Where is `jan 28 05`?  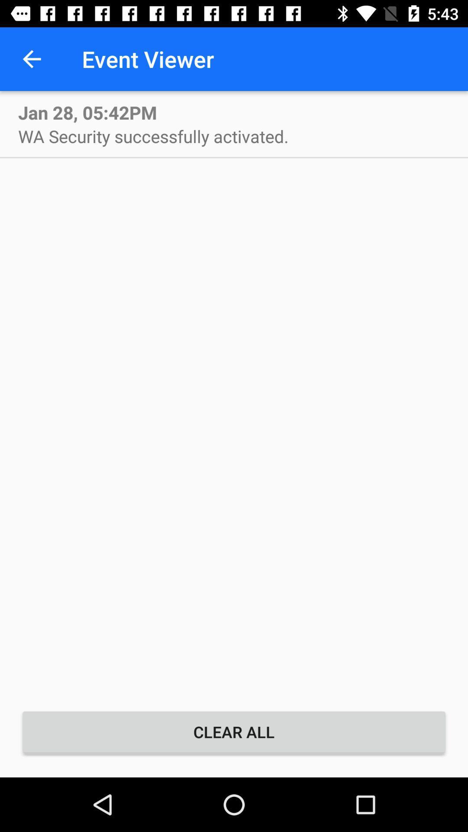 jan 28 05 is located at coordinates (88, 112).